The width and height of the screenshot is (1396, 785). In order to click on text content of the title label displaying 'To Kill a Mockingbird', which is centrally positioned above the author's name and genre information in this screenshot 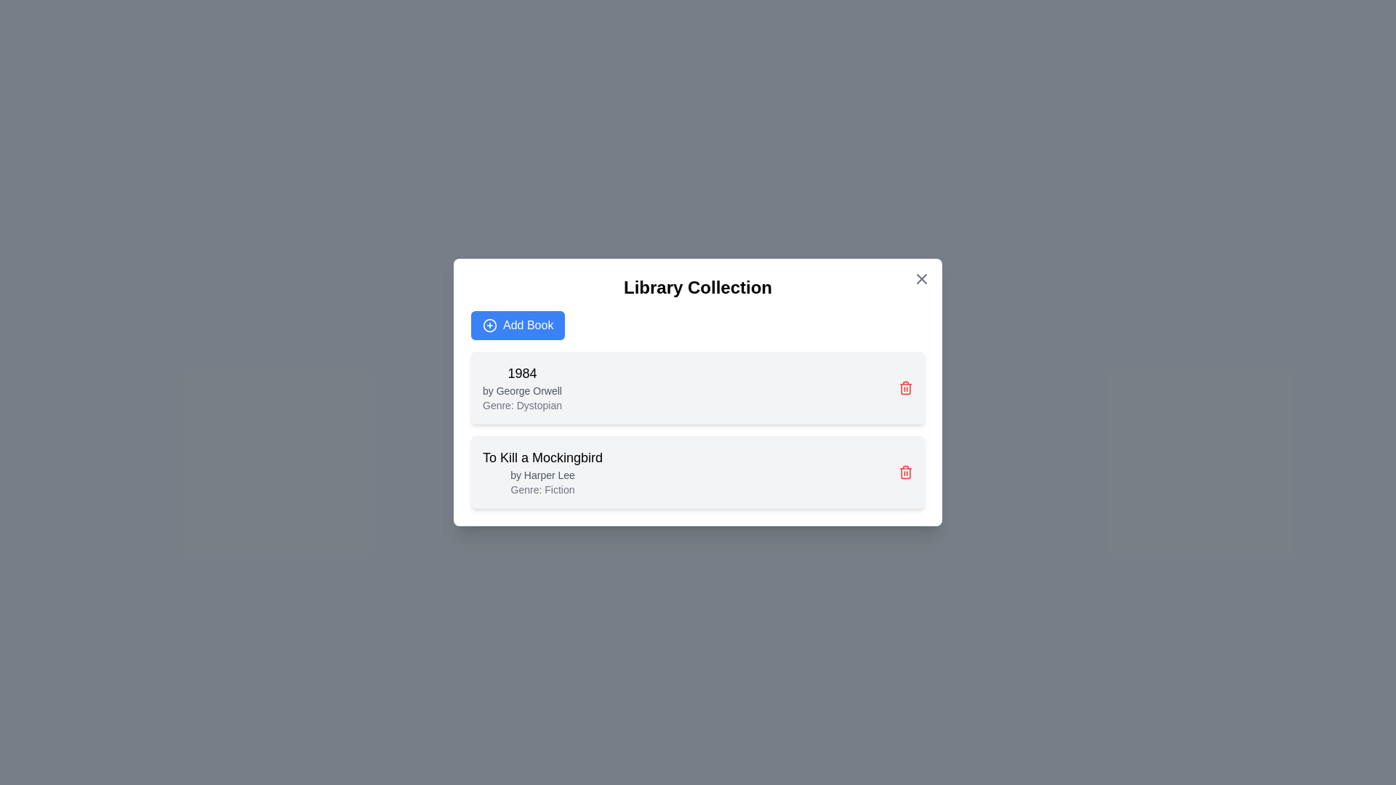, I will do `click(542, 456)`.